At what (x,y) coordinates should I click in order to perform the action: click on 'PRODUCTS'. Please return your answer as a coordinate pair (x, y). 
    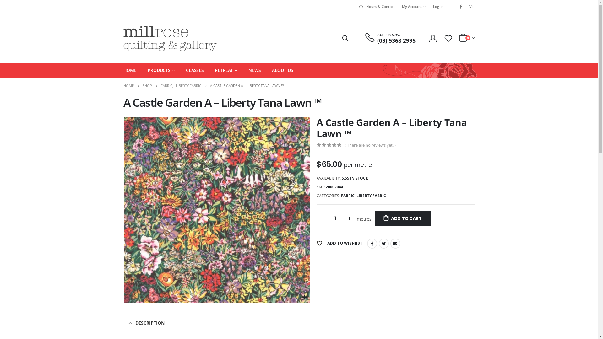
    Looking at the image, I should click on (161, 70).